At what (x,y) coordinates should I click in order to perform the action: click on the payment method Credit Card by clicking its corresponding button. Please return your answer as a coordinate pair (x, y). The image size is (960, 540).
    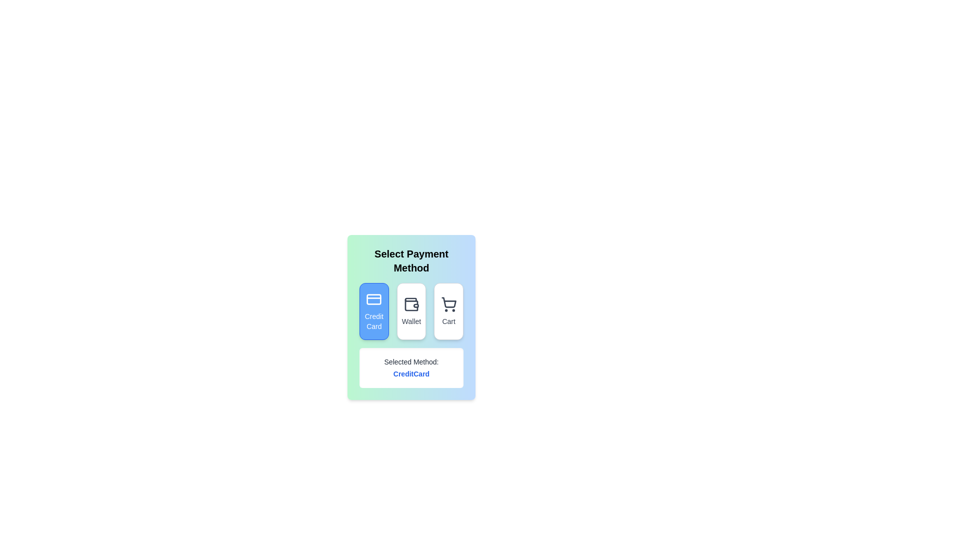
    Looking at the image, I should click on (373, 311).